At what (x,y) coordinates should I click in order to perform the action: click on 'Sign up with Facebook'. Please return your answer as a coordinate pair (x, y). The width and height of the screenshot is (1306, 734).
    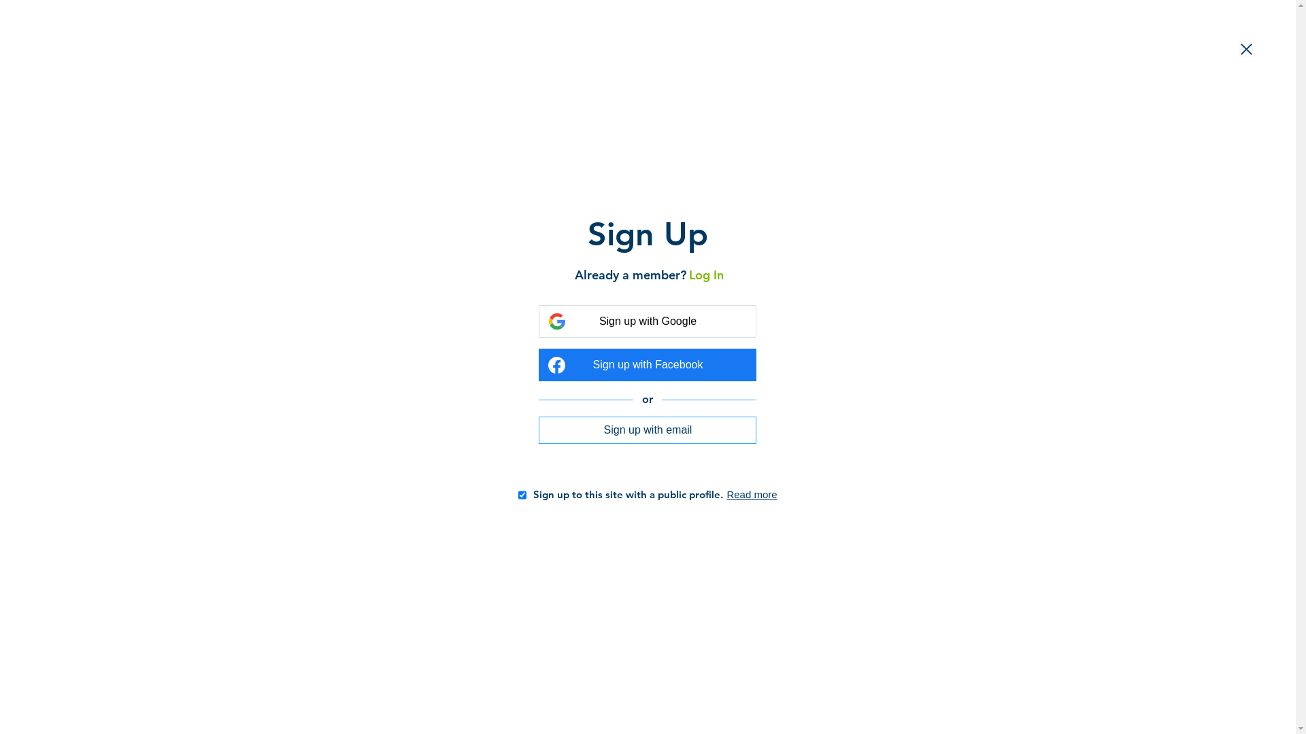
    Looking at the image, I should click on (646, 364).